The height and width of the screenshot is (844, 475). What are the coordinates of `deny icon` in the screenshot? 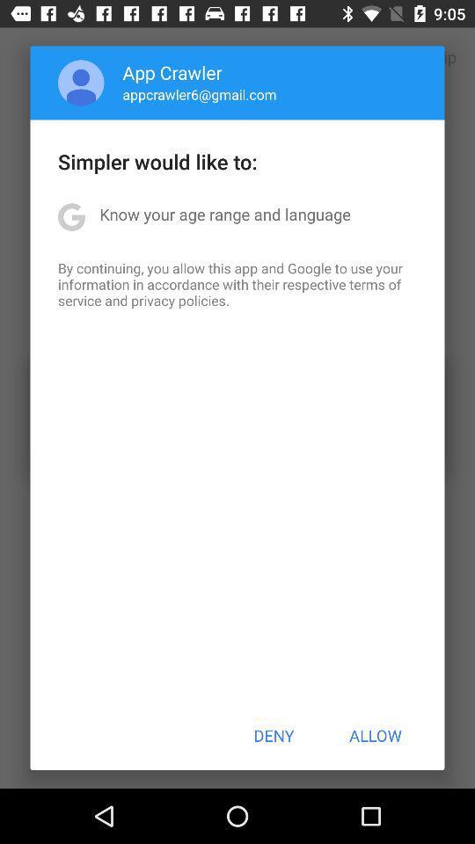 It's located at (274, 735).